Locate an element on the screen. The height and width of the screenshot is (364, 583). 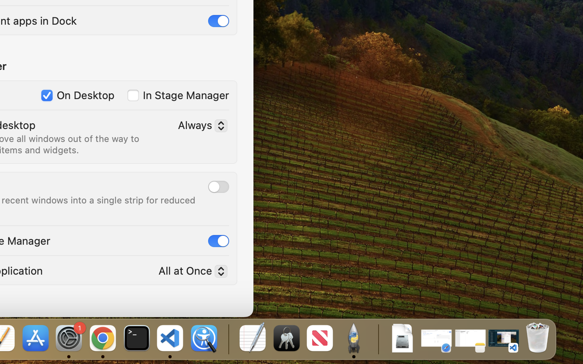
'Always' is located at coordinates (199, 126).